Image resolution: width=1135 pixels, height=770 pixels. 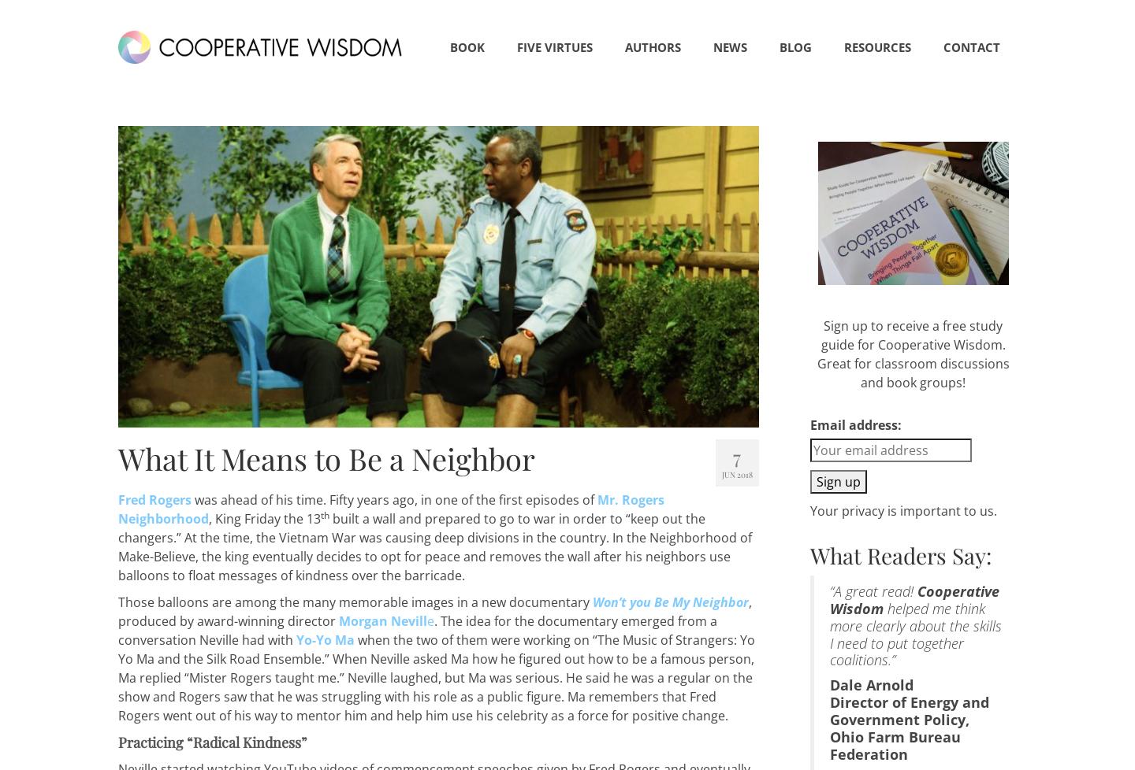 I want to click on 'BLOG', so click(x=794, y=46).